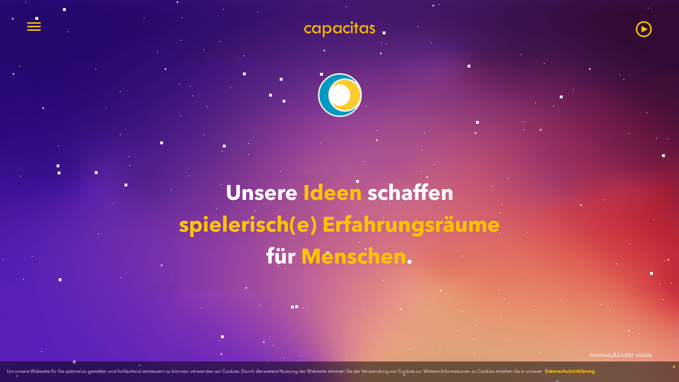 Image resolution: width=679 pixels, height=382 pixels. What do you see at coordinates (635, 354) in the screenshot?
I see `'cookies'` at bounding box center [635, 354].